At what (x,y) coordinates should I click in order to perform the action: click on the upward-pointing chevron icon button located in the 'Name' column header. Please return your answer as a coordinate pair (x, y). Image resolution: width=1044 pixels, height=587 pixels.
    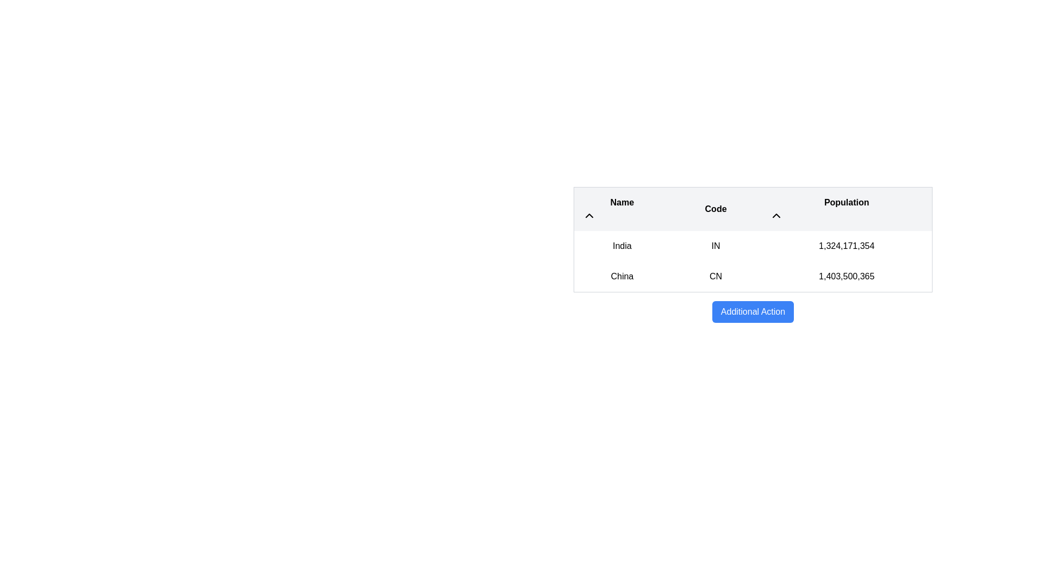
    Looking at the image, I should click on (589, 216).